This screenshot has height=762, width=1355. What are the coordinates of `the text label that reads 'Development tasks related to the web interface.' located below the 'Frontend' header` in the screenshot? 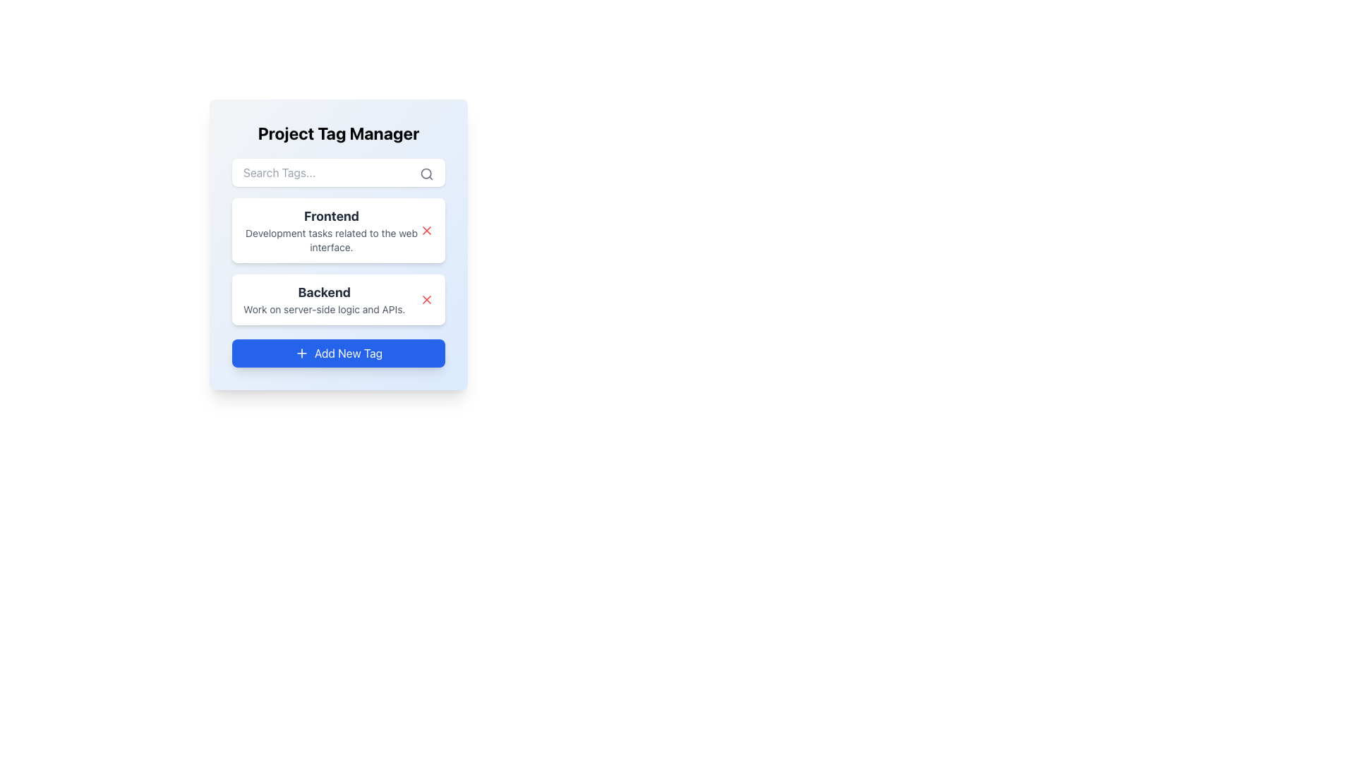 It's located at (331, 239).